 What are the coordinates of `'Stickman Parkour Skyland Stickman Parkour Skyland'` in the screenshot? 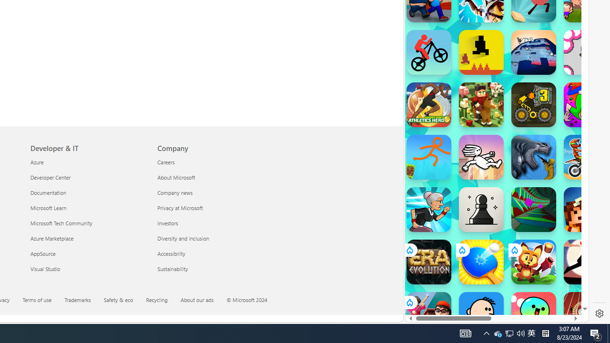 It's located at (428, 157).